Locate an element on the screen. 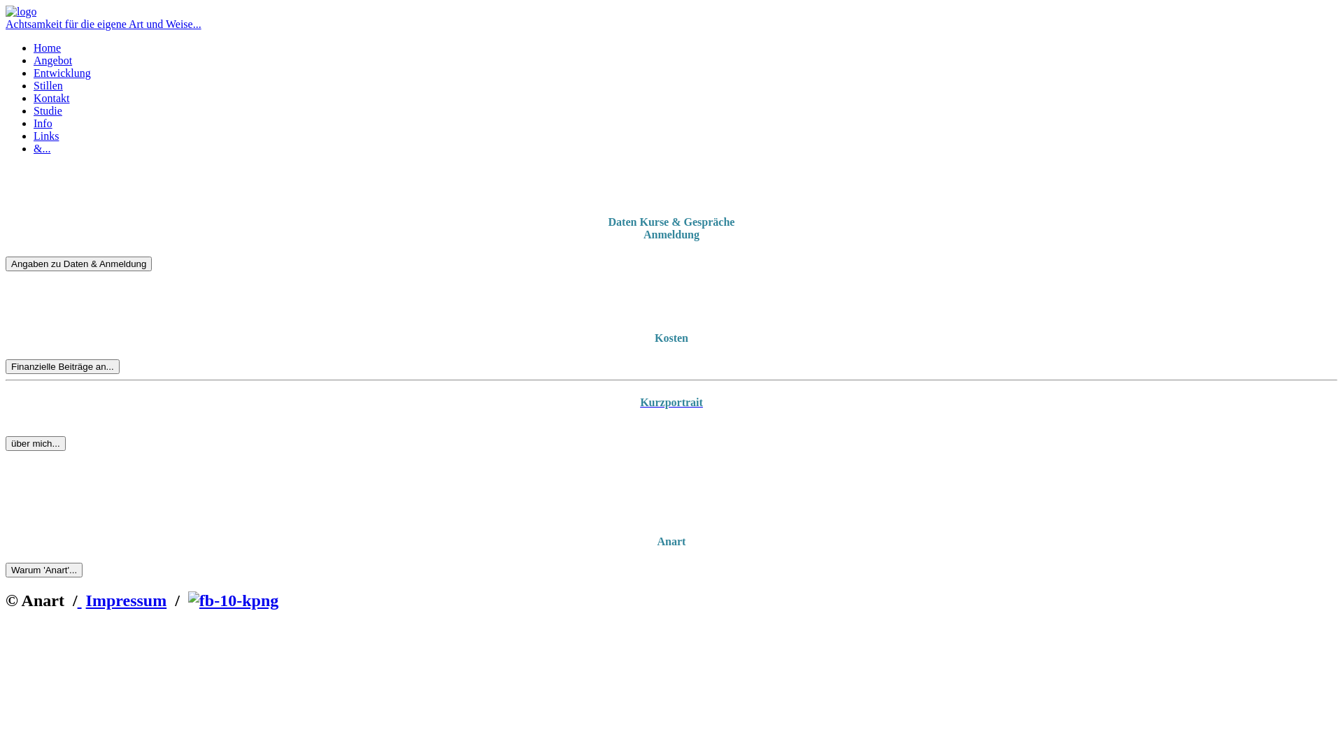 This screenshot has width=1343, height=755. 'Warum 'Anart'...' is located at coordinates (43, 570).